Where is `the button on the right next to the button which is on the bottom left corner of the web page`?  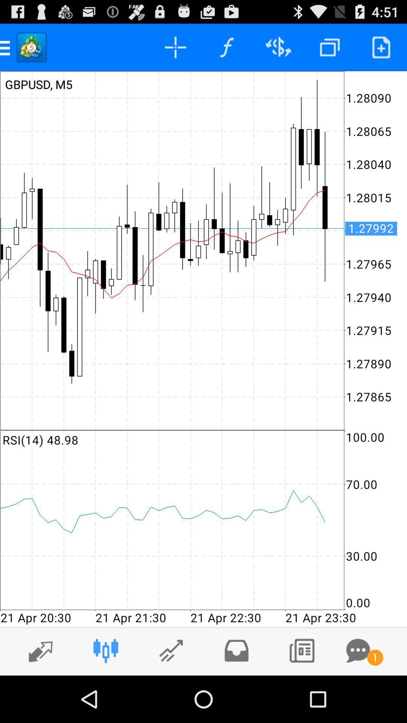 the button on the right next to the button which is on the bottom left corner of the web page is located at coordinates (106, 650).